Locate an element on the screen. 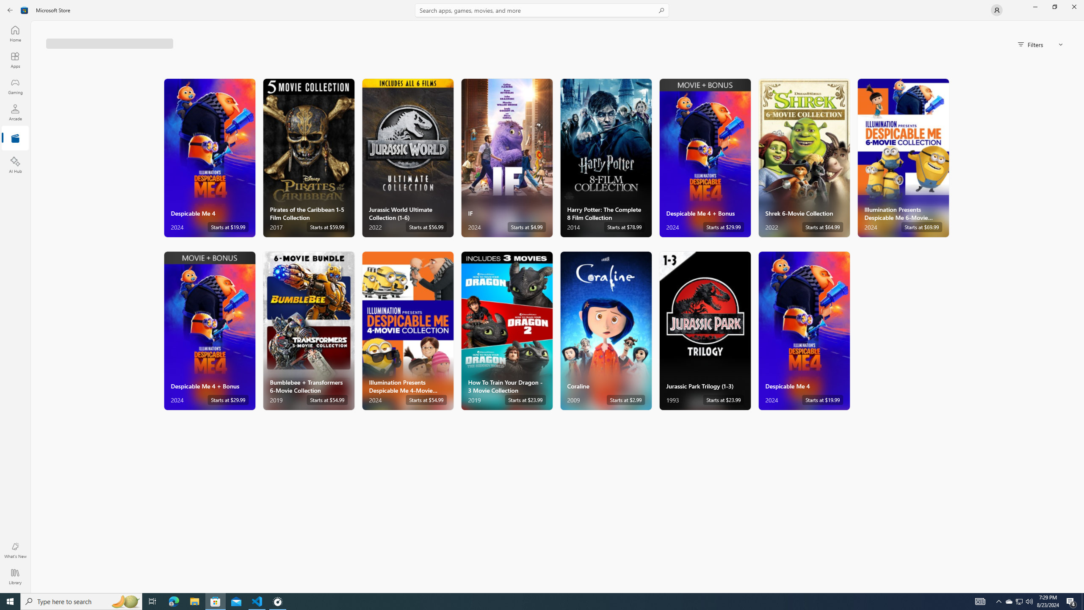  'Filters' is located at coordinates (1040, 44).